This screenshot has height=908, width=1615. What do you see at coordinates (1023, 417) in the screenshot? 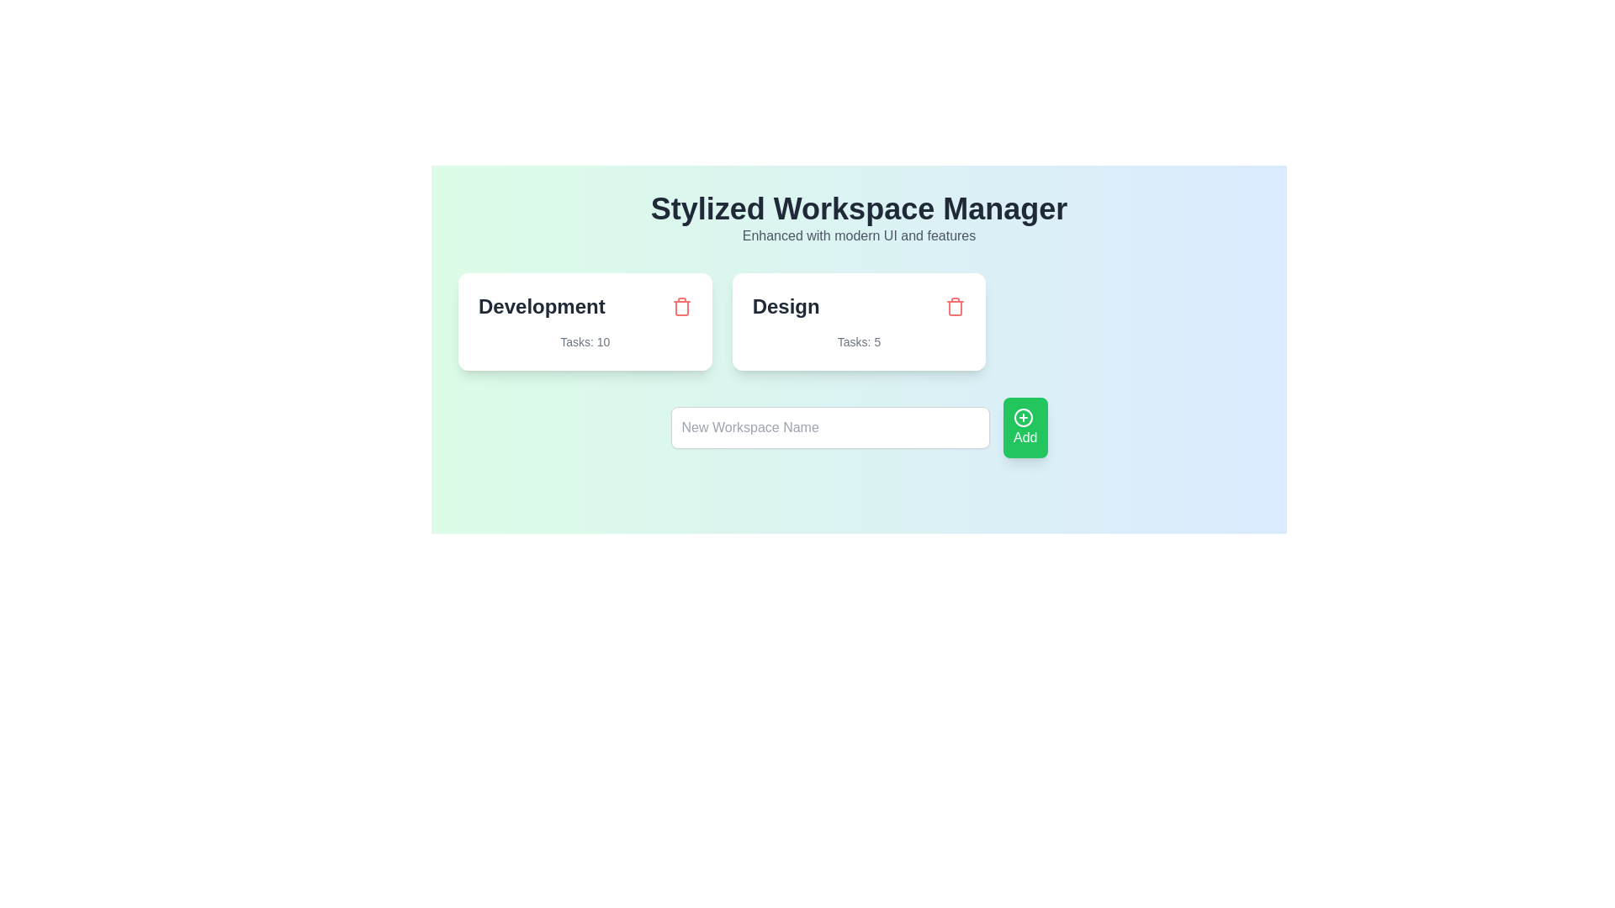
I see `the 'Add' icon located on the green button in the bottom-right area of the interface to initiate the add action` at bounding box center [1023, 417].